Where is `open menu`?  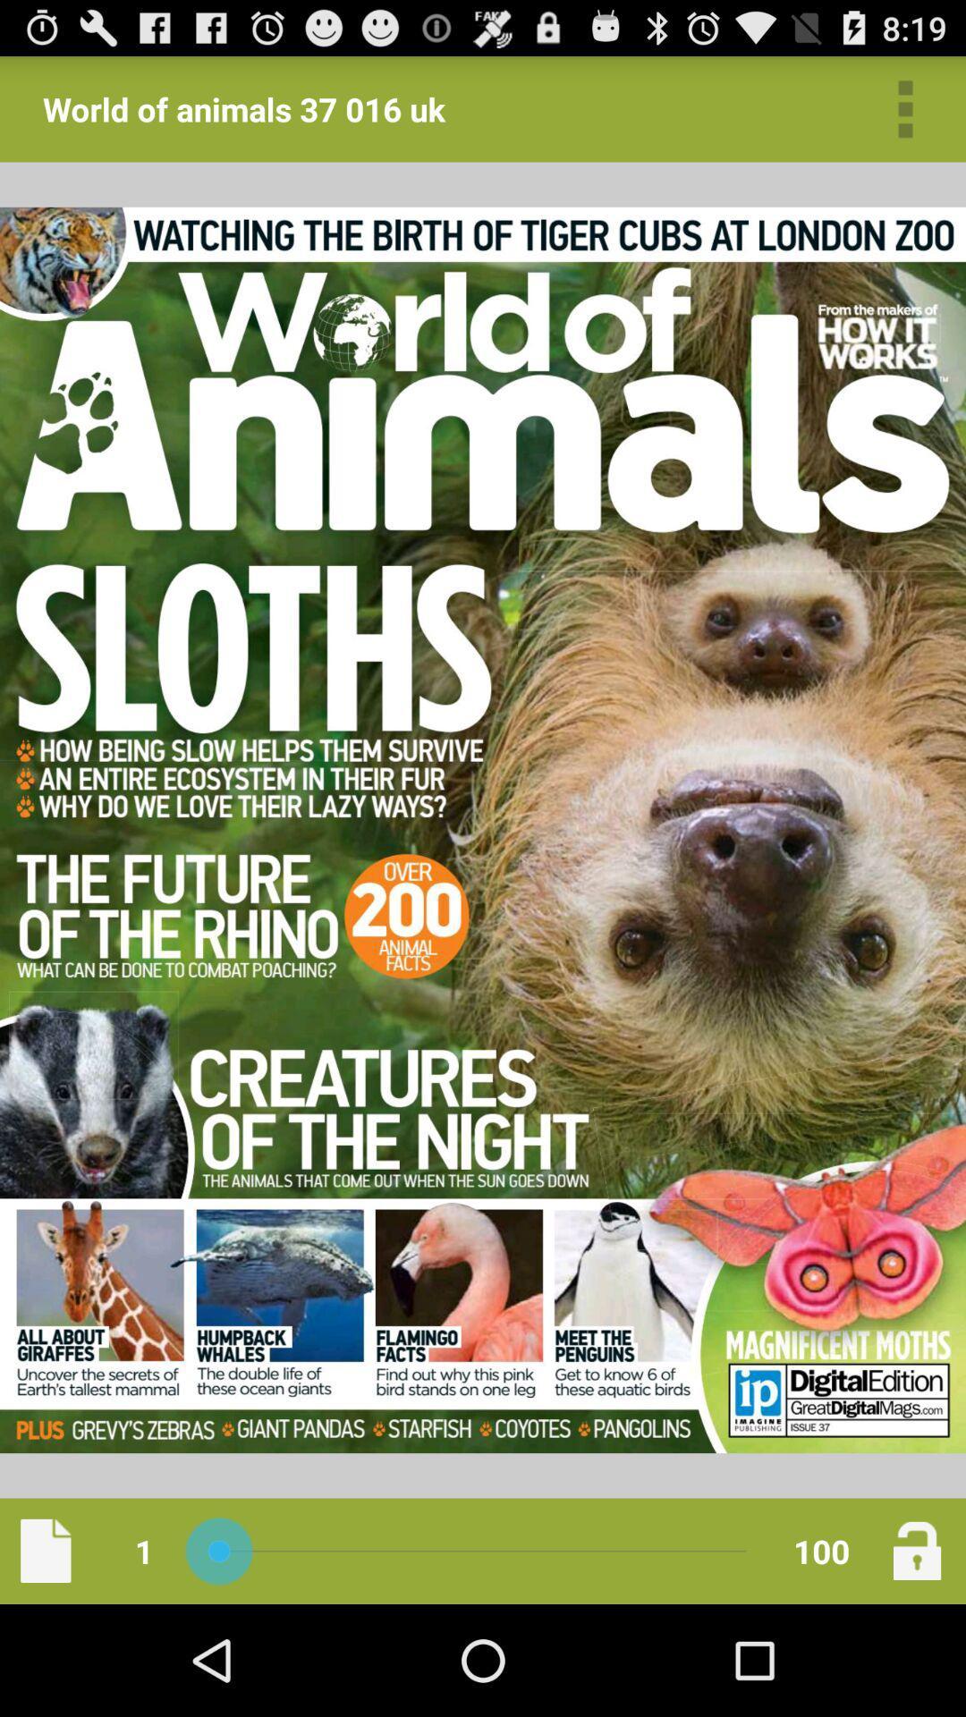 open menu is located at coordinates (905, 108).